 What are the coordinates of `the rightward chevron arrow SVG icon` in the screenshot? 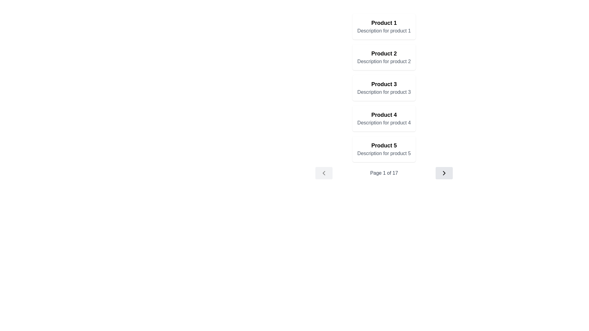 It's located at (444, 173).